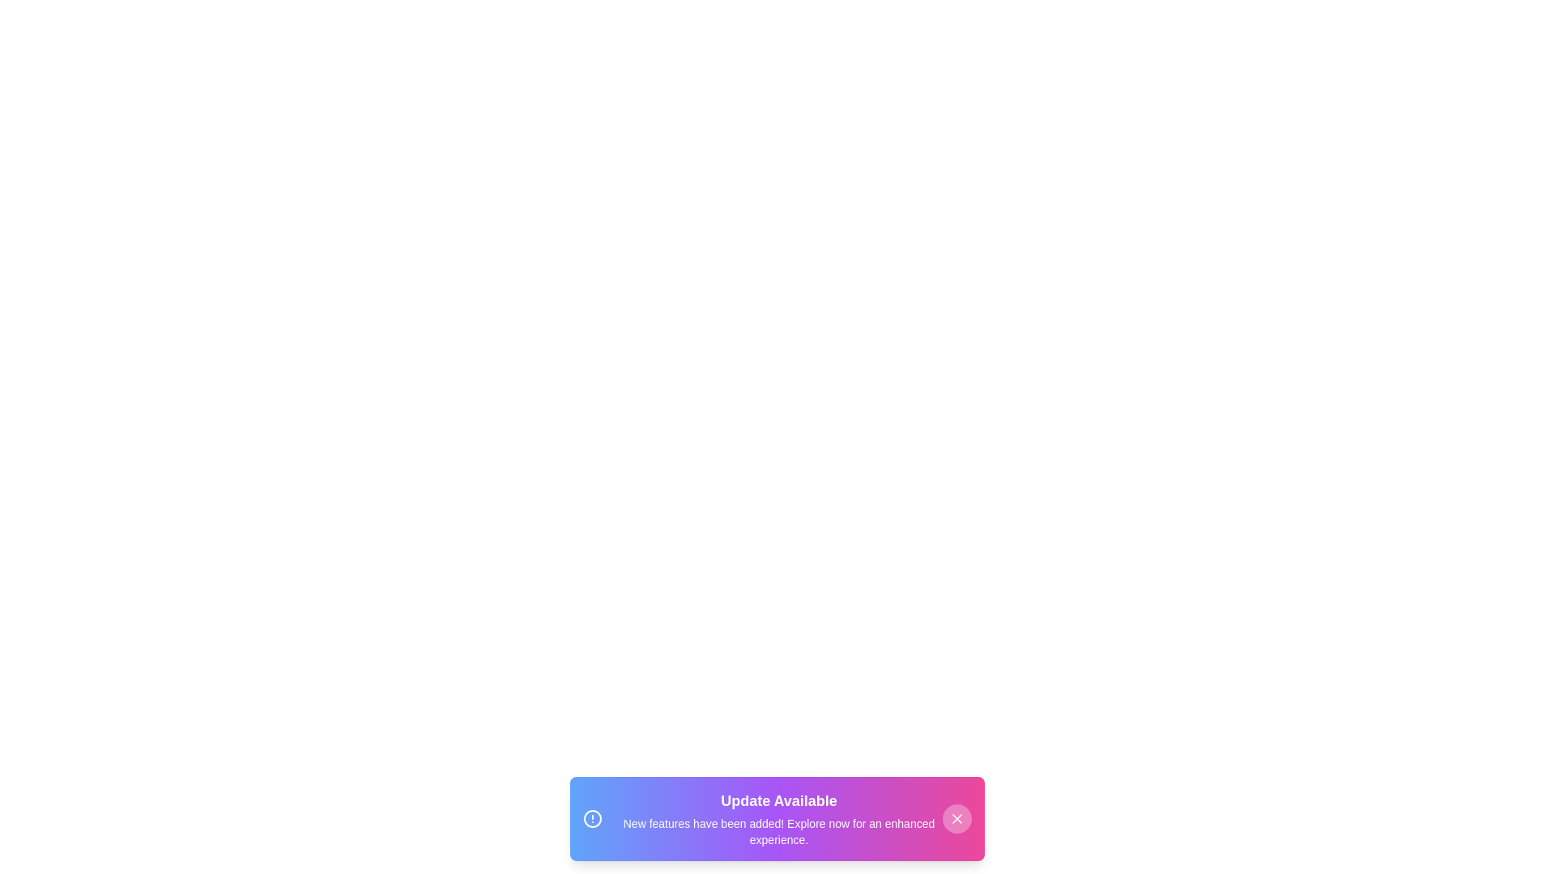 This screenshot has width=1555, height=874. Describe the element at coordinates (956, 818) in the screenshot. I see `the close button of the snackbar to dismiss it` at that location.